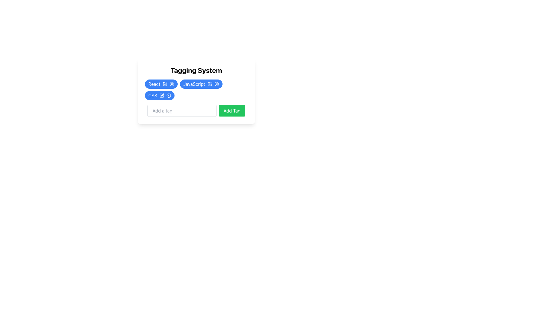 This screenshot has width=552, height=310. I want to click on the circular icon element that represents the close button associated with the JavaScript tag in the tagging interface, so click(216, 84).